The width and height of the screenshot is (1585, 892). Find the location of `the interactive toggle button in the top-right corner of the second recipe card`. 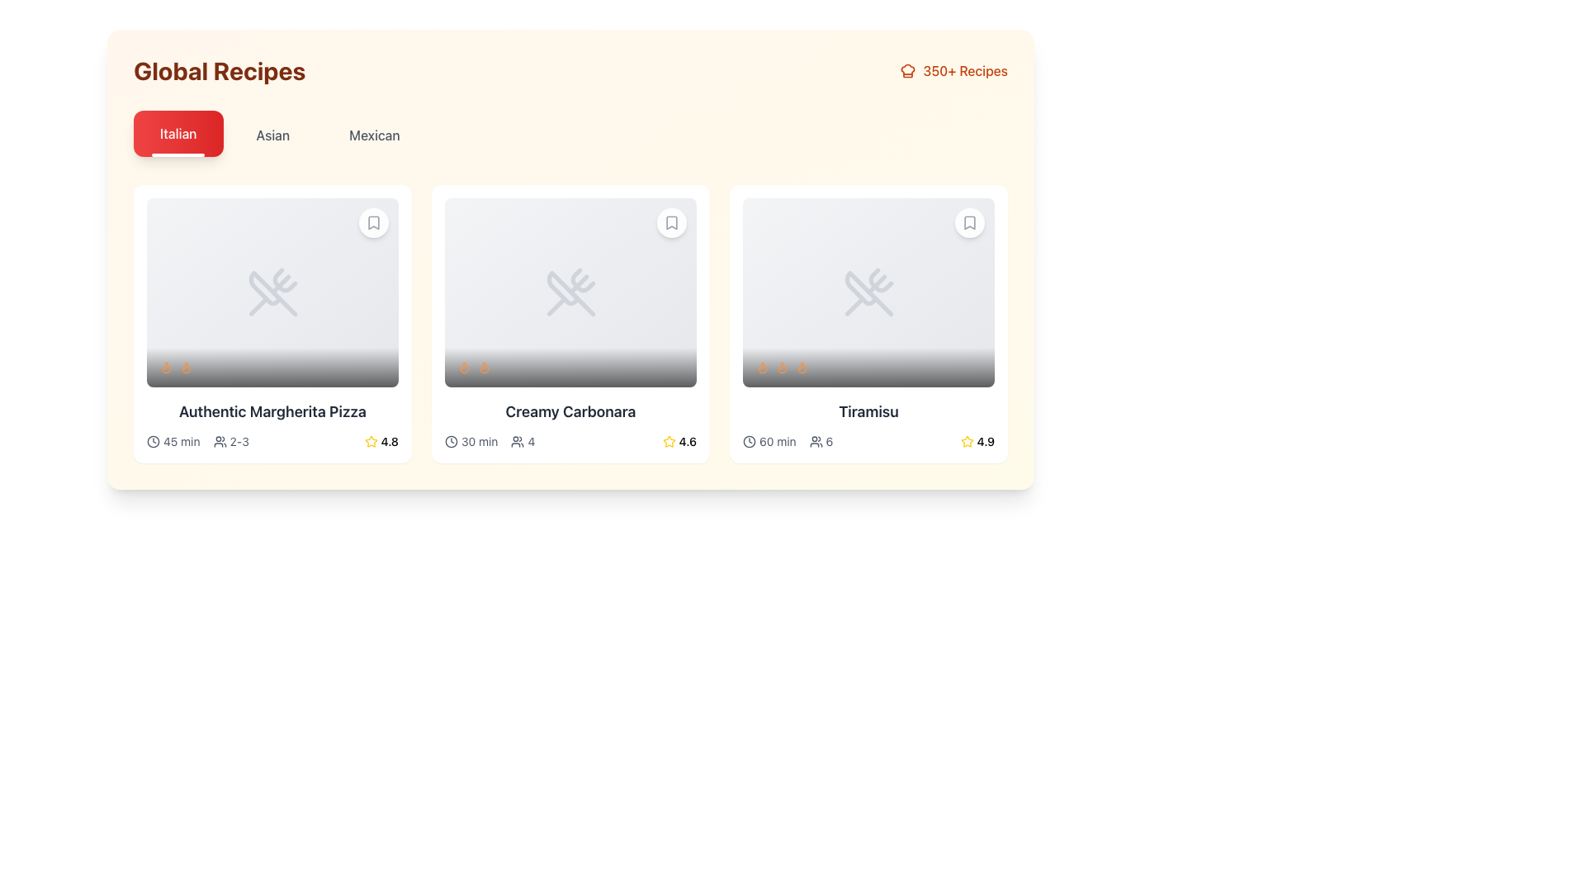

the interactive toggle button in the top-right corner of the second recipe card is located at coordinates (672, 223).